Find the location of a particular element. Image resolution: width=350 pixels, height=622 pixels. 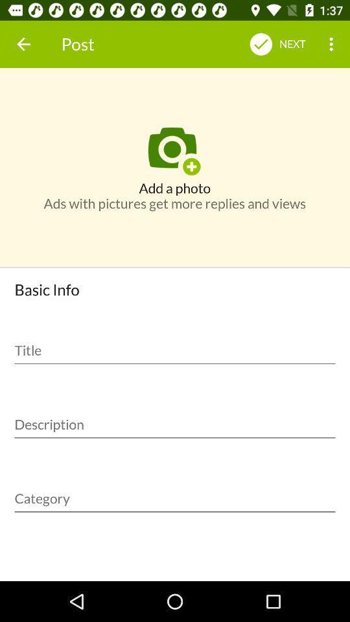

the item below basic info is located at coordinates (175, 345).